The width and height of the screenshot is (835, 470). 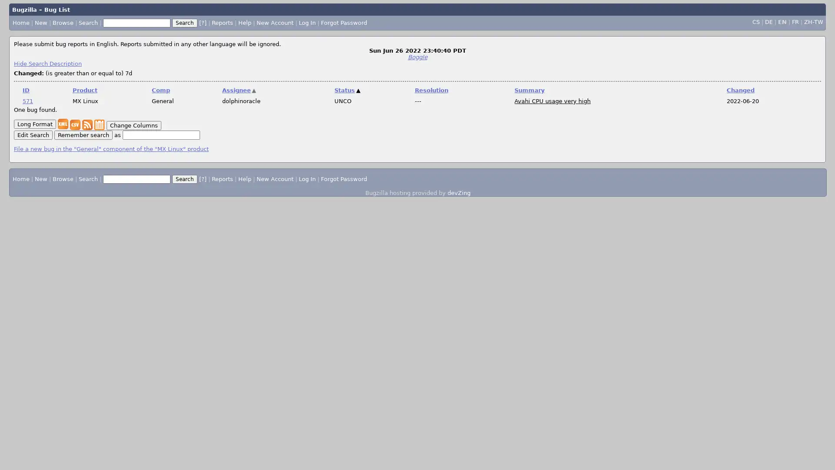 What do you see at coordinates (35, 124) in the screenshot?
I see `Long Format` at bounding box center [35, 124].